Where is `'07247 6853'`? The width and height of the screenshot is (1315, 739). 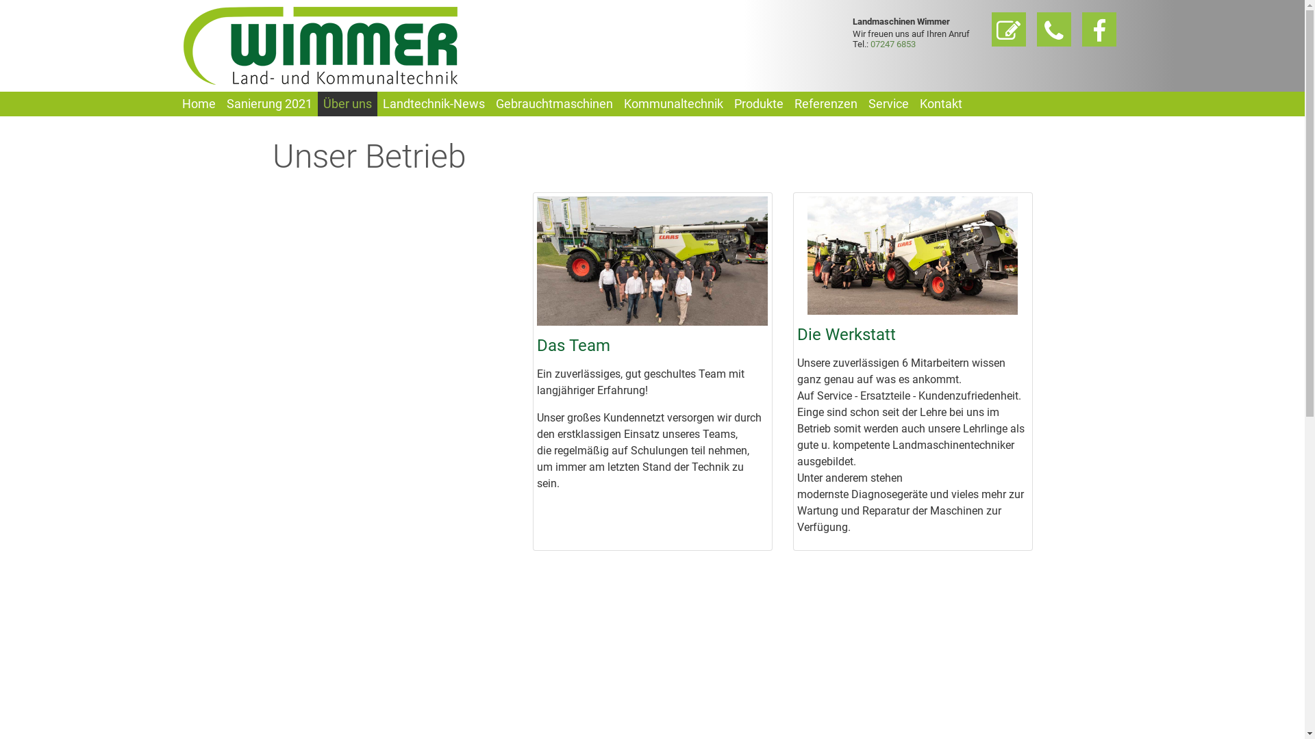 '07247 6853' is located at coordinates (892, 43).